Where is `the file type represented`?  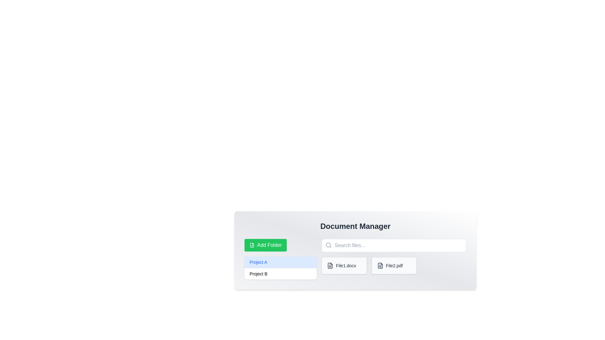
the file type represented is located at coordinates (330, 266).